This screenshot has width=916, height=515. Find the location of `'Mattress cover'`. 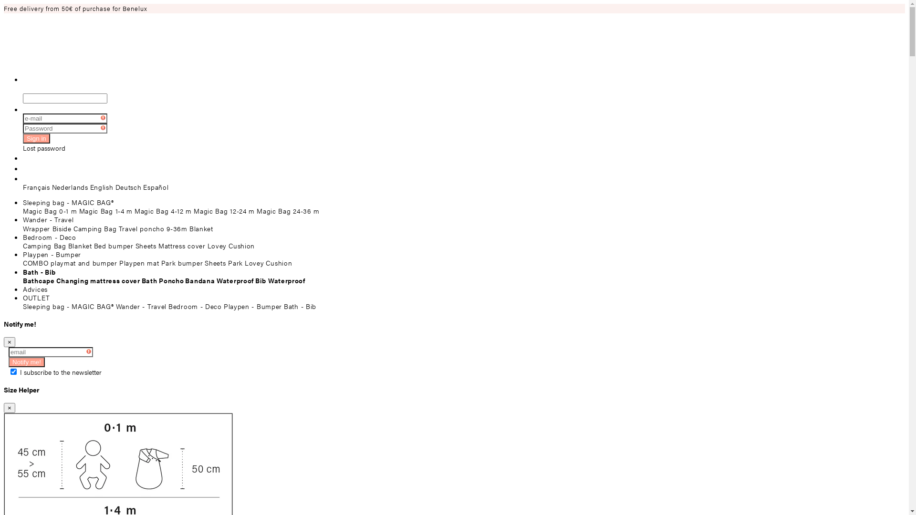

'Mattress cover' is located at coordinates (182, 245).